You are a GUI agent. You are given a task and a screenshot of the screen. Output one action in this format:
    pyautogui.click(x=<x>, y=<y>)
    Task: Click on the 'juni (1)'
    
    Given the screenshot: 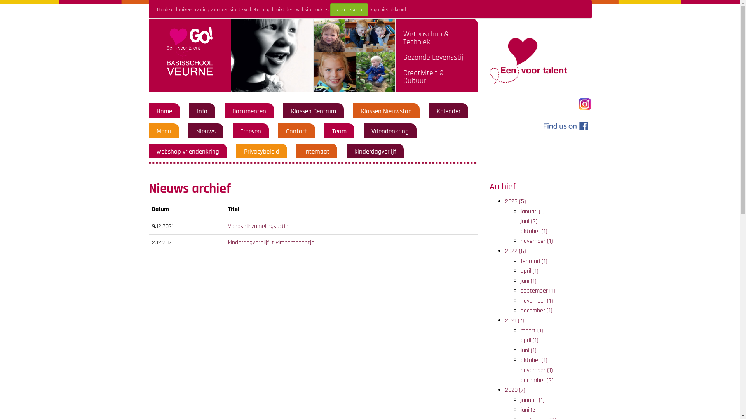 What is the action you would take?
    pyautogui.click(x=528, y=281)
    